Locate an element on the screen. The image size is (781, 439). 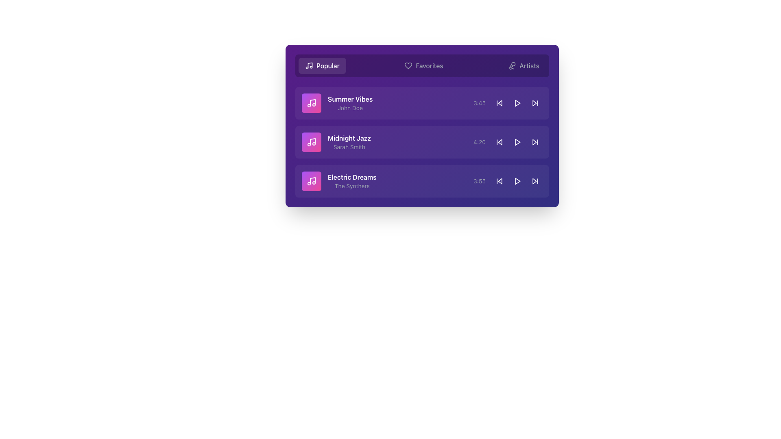
the small musical note icon located within the 'Popular' button in the header of the music menu interface is located at coordinates (310, 65).